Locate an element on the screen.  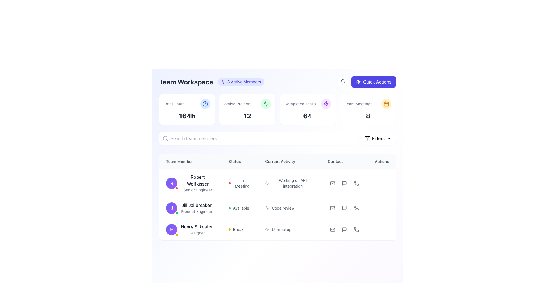
the badge displaying the active member count in the header of the page is located at coordinates (211, 82).